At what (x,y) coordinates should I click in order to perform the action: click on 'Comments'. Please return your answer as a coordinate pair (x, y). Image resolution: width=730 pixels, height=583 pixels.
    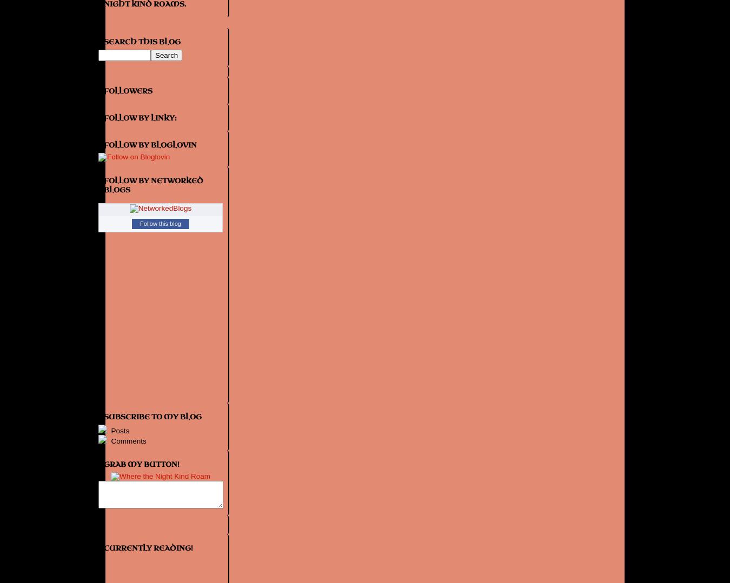
    Looking at the image, I should click on (109, 440).